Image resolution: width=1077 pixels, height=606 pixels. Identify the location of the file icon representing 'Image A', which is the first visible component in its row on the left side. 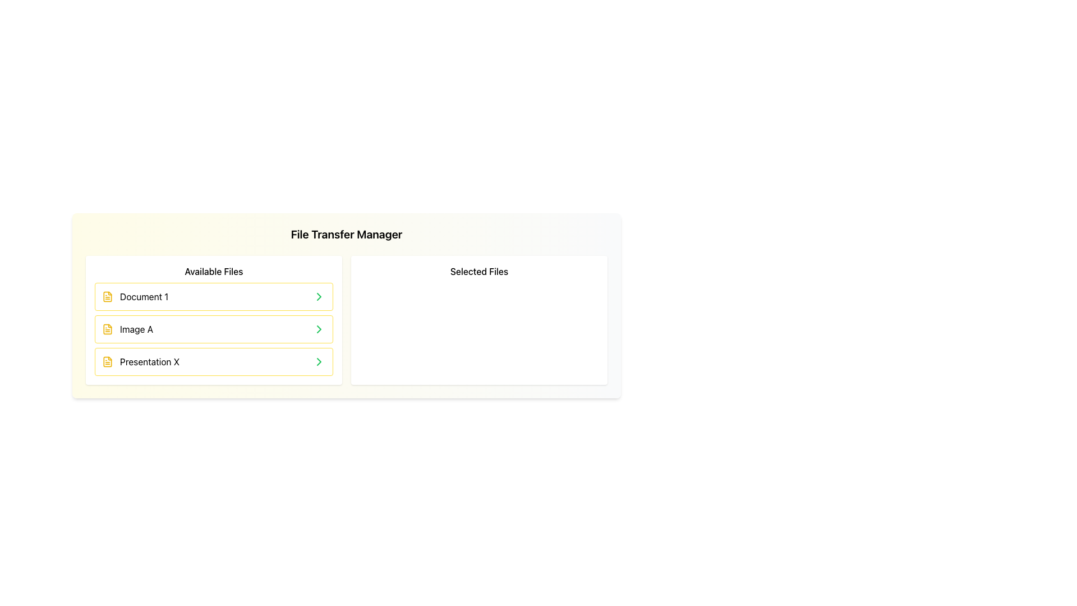
(108, 328).